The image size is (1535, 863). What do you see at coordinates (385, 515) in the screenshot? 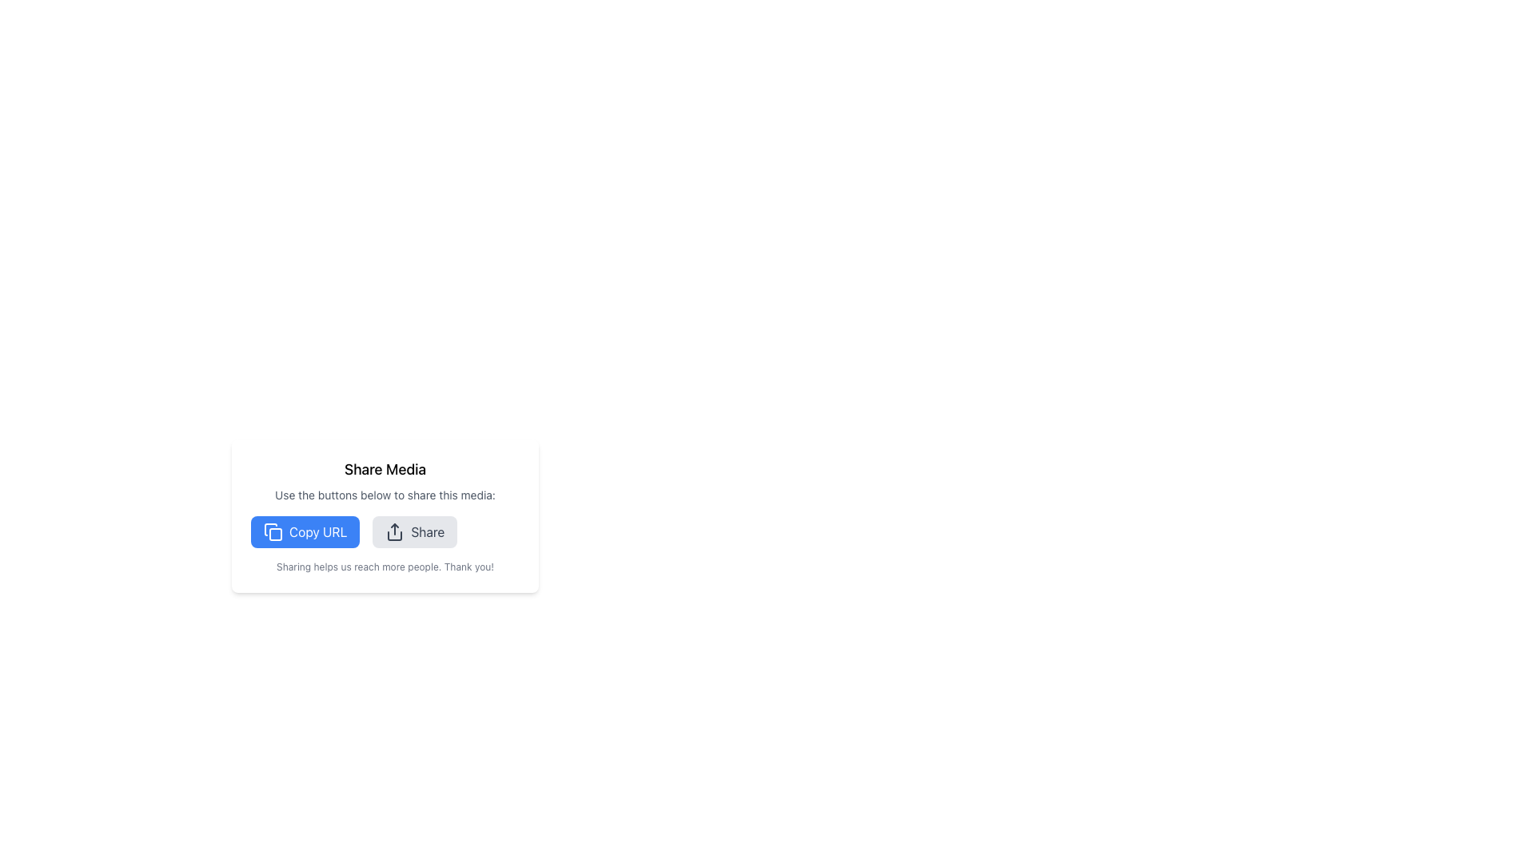
I see `the light-gray 'Share' button with rounded corners, which contains an upward arrow icon` at bounding box center [385, 515].